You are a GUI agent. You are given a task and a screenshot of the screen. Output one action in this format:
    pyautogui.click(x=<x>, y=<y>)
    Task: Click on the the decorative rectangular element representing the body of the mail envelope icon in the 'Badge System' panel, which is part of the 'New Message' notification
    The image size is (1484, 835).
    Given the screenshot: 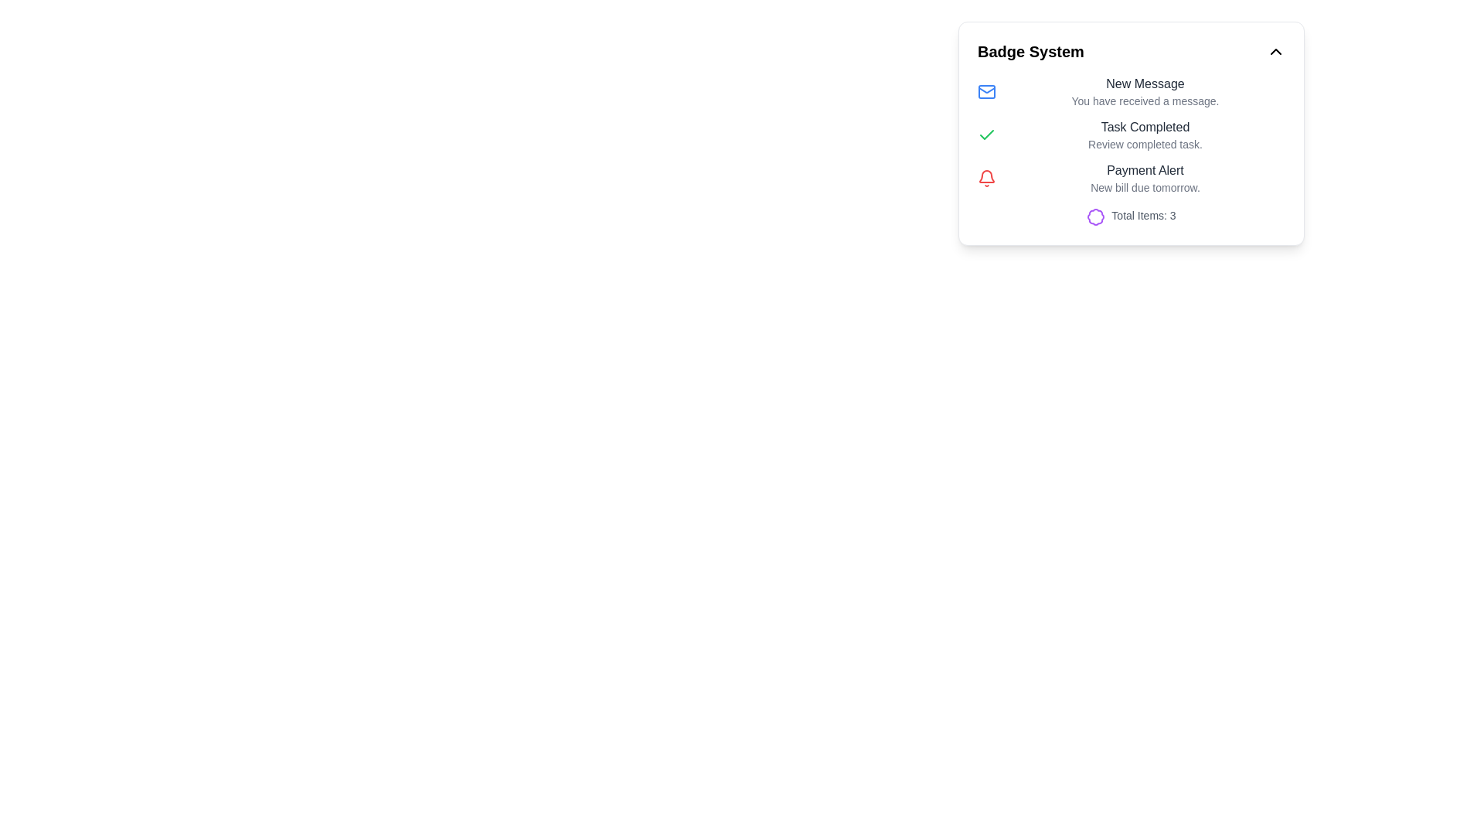 What is the action you would take?
    pyautogui.click(x=985, y=92)
    